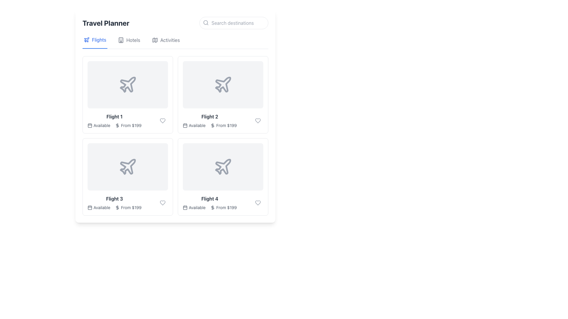 This screenshot has height=319, width=568. I want to click on the 'Activities' navigation tab button located in the horizontal navigation bar to change its appearance, so click(175, 42).